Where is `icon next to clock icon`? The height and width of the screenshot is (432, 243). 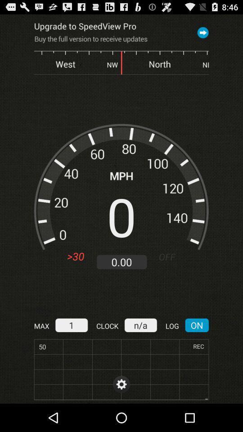 icon next to clock icon is located at coordinates (71, 324).